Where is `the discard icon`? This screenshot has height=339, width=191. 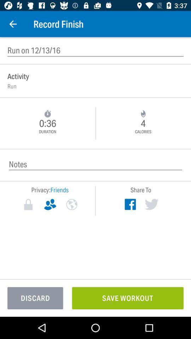
the discard icon is located at coordinates (35, 298).